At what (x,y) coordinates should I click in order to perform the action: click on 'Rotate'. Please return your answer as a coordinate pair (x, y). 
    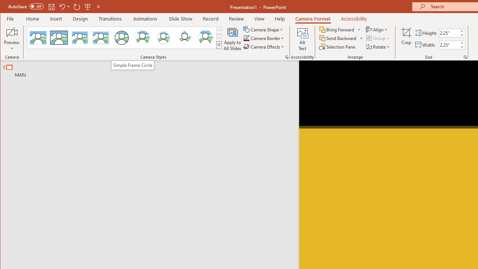
    Looking at the image, I should click on (378, 47).